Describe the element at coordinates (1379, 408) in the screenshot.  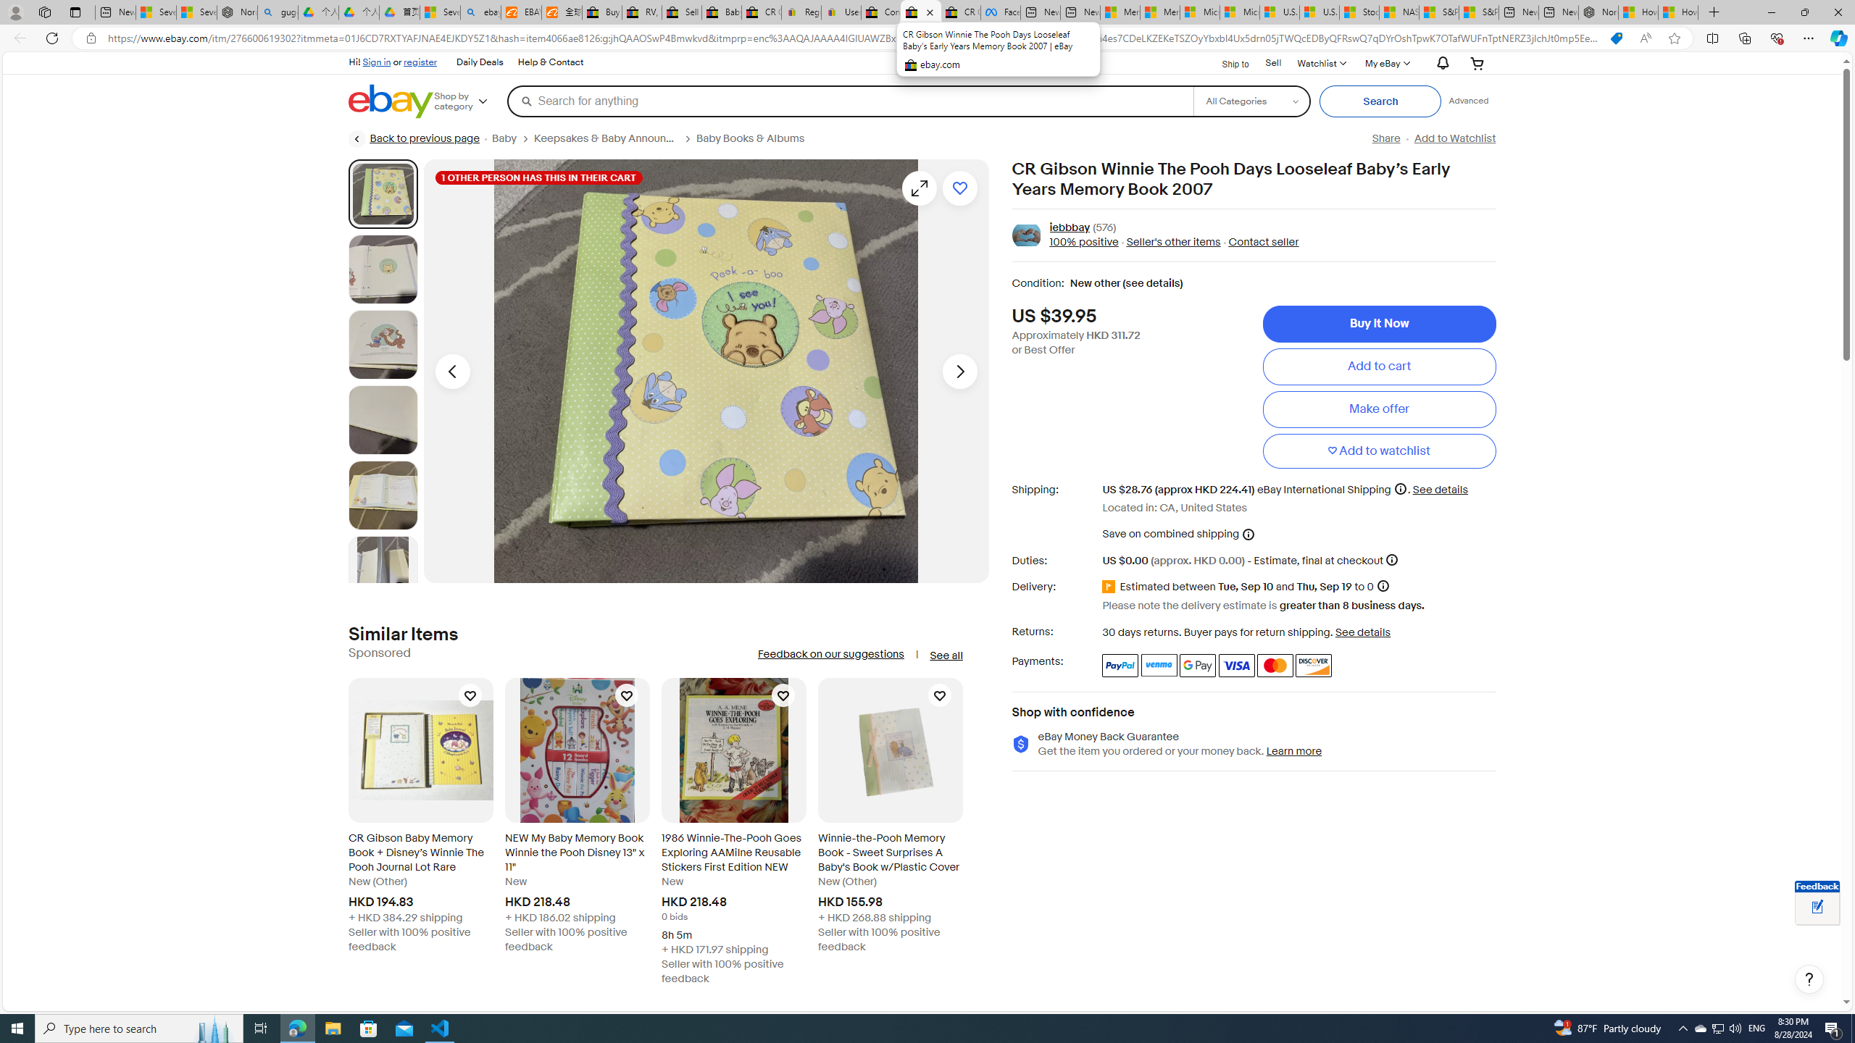
I see `'Make offer'` at that location.